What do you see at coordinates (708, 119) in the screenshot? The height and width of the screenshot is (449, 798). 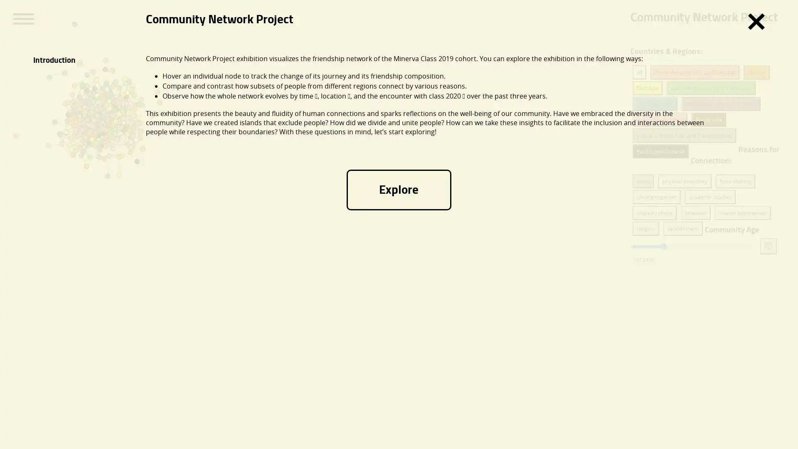 I see `South Asia` at bounding box center [708, 119].